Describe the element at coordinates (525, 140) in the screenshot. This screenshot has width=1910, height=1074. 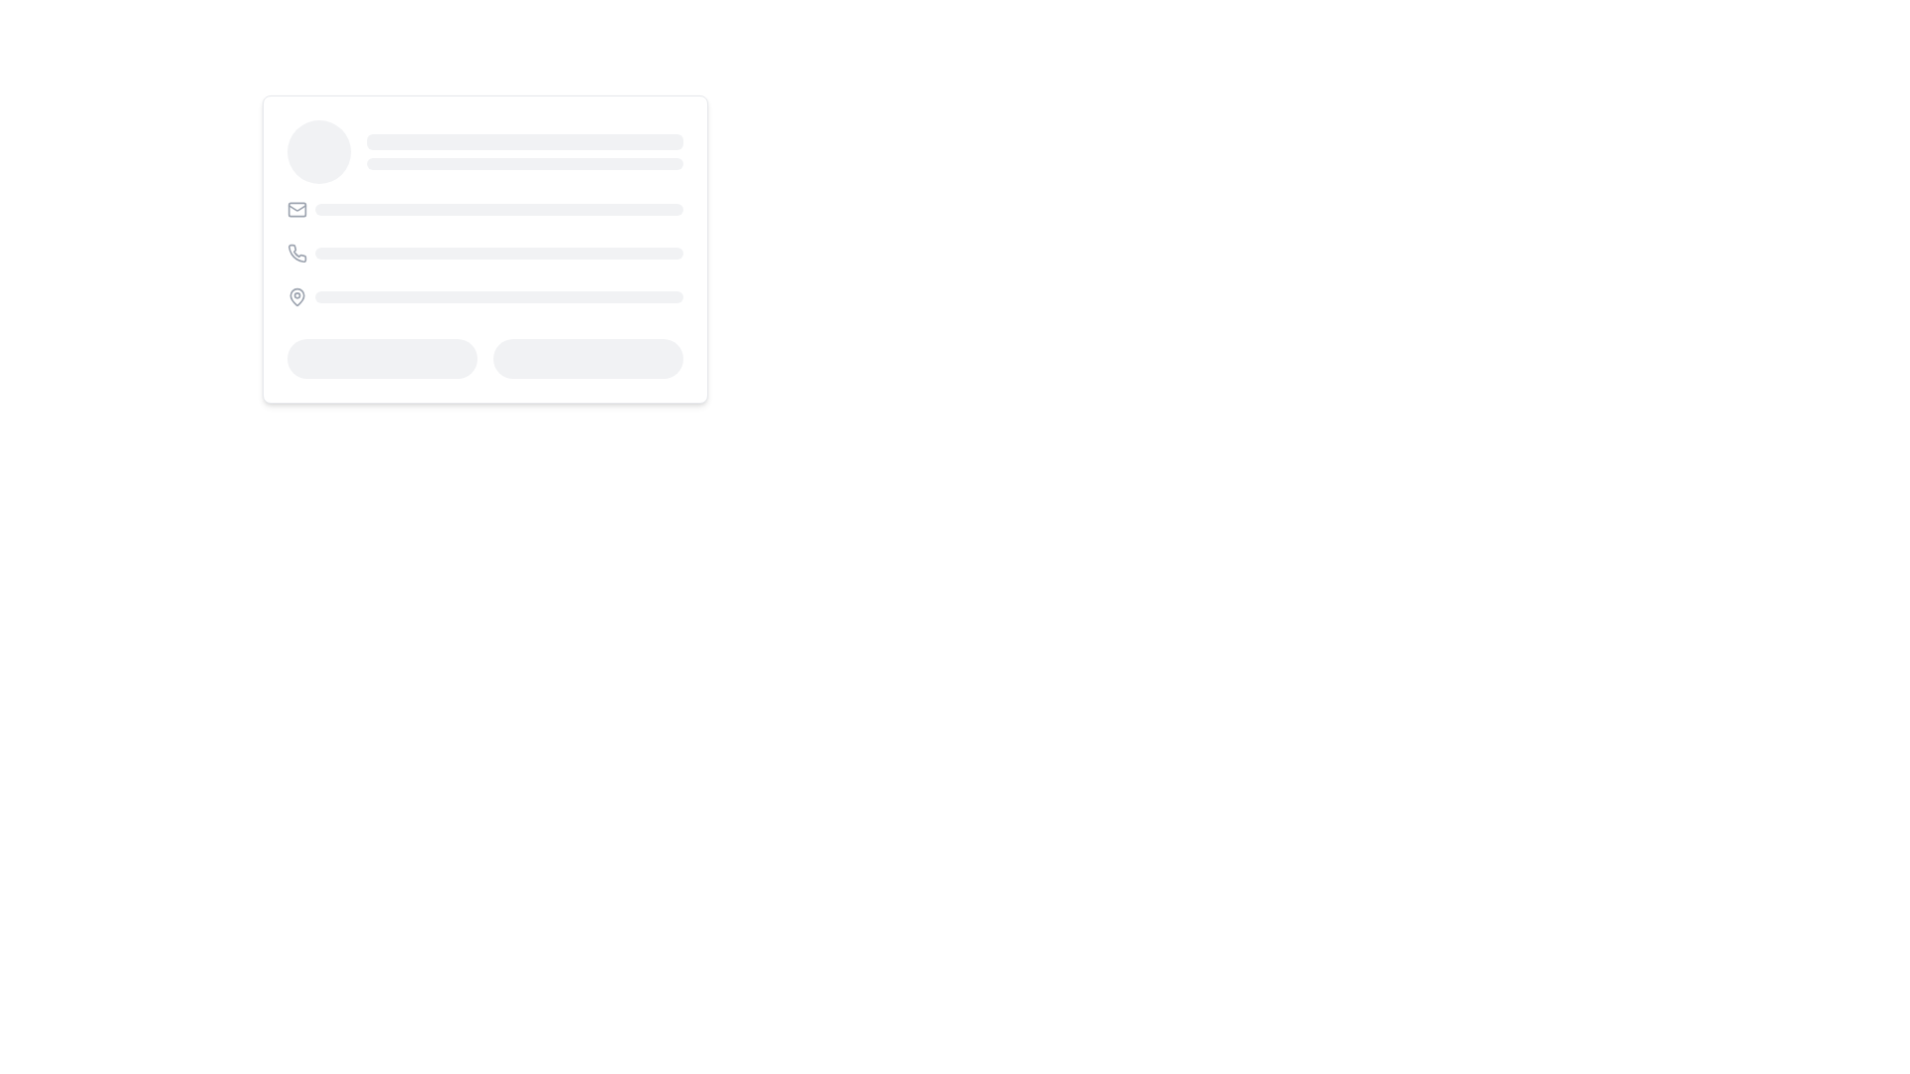
I see `the Skeleton/loading placeholder, which is a light gray horizontal bar with rounded ends, located at the top of the card layout, serving as a loading indicator` at that location.